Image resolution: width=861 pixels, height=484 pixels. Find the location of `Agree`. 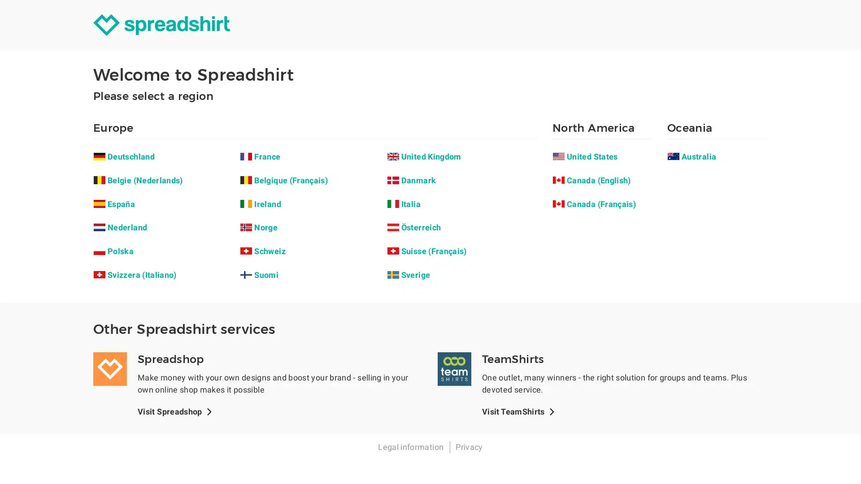

Agree is located at coordinates (464, 216).